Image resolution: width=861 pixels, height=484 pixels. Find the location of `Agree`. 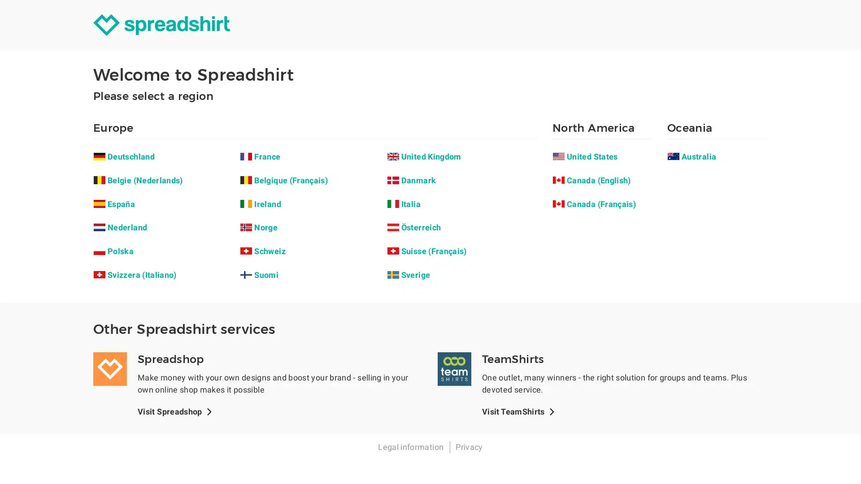

Agree is located at coordinates (464, 216).